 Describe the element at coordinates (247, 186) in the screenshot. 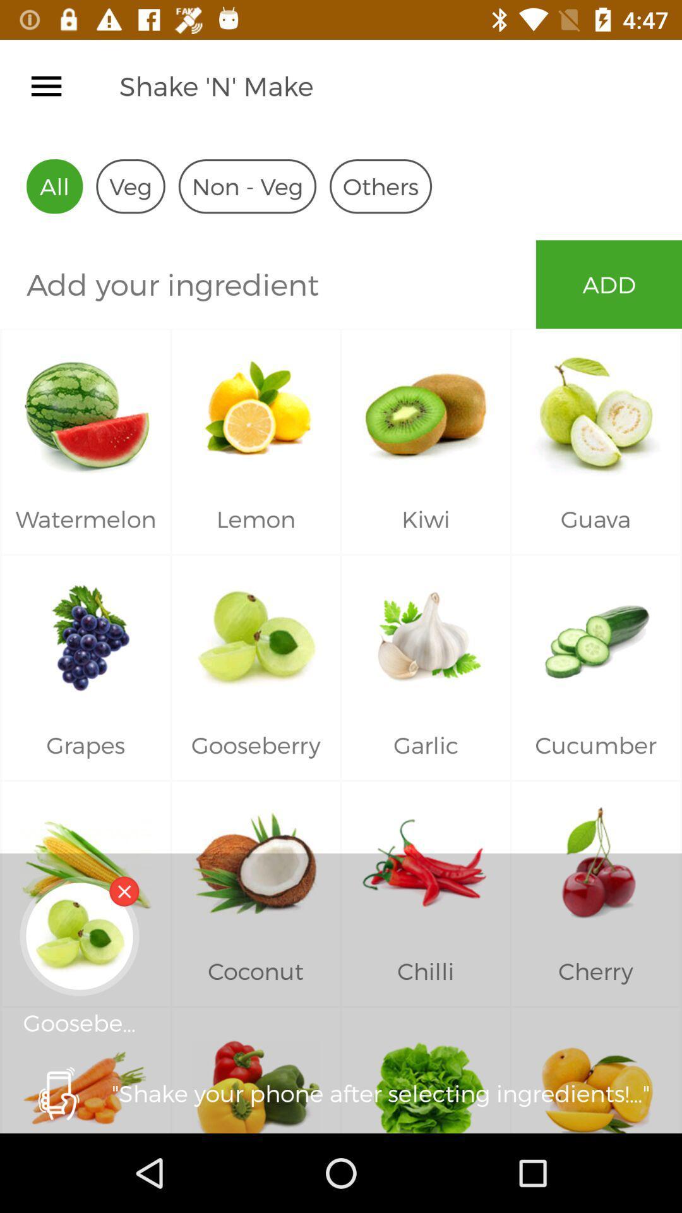

I see `icon next to others` at that location.